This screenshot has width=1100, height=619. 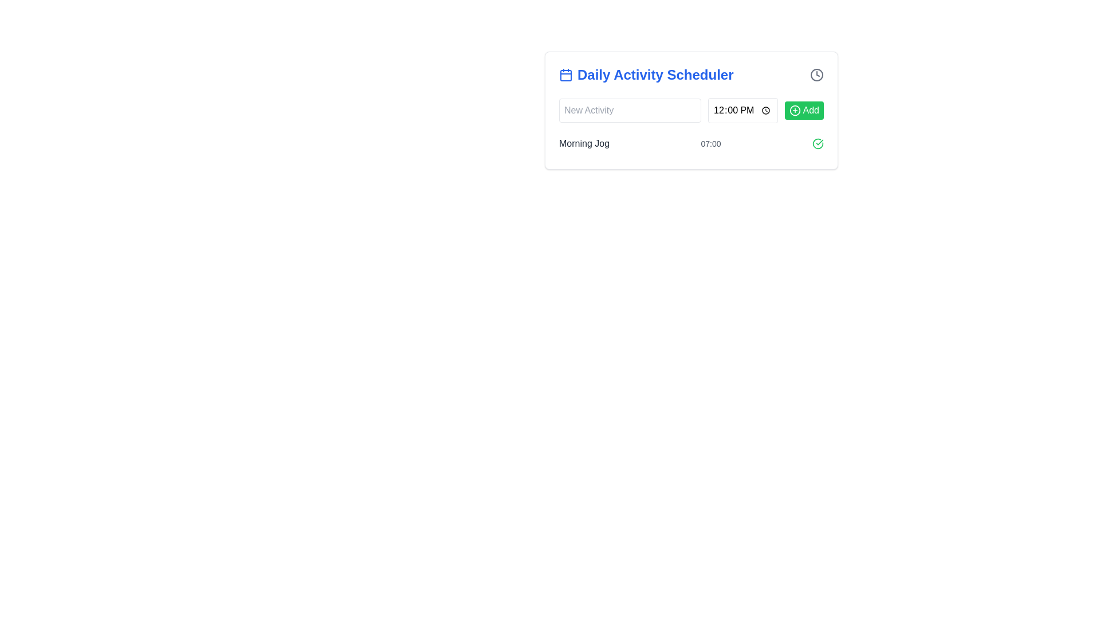 I want to click on the circular icon inside the green 'Add' button located on the right-hand side of the interface, next to the time input field, so click(x=794, y=110).